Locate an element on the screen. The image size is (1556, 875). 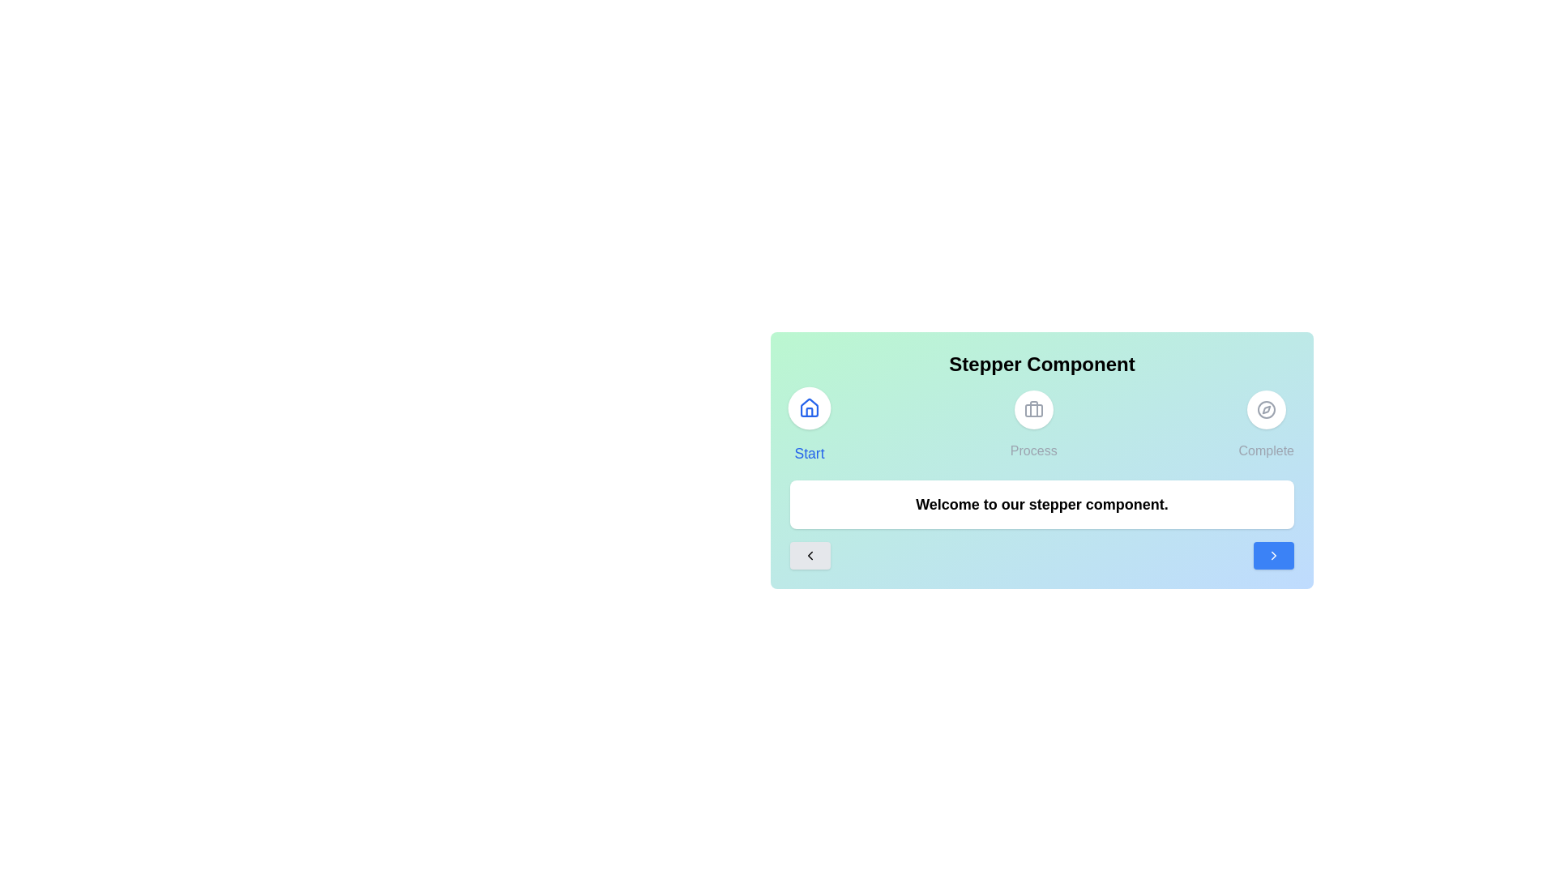
the step icon labeled Complete is located at coordinates (1264, 424).